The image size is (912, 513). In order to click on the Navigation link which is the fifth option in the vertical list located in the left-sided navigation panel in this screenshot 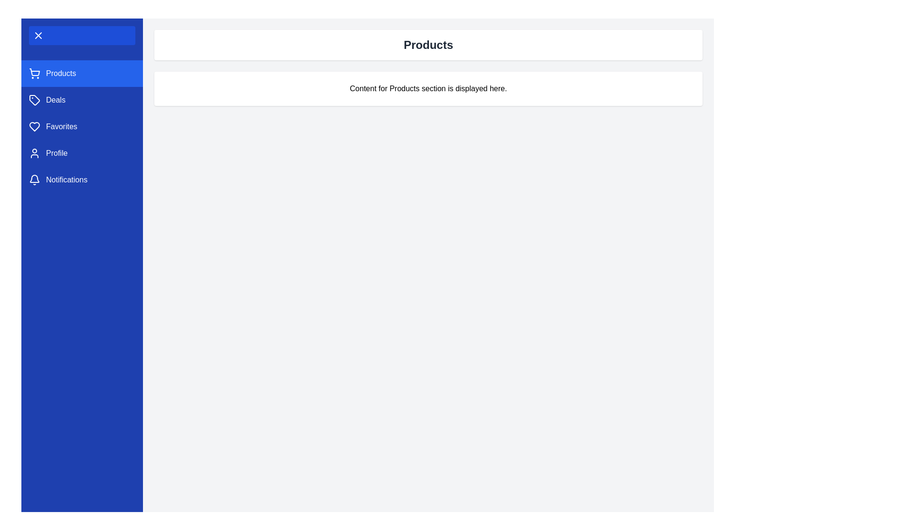, I will do `click(82, 180)`.